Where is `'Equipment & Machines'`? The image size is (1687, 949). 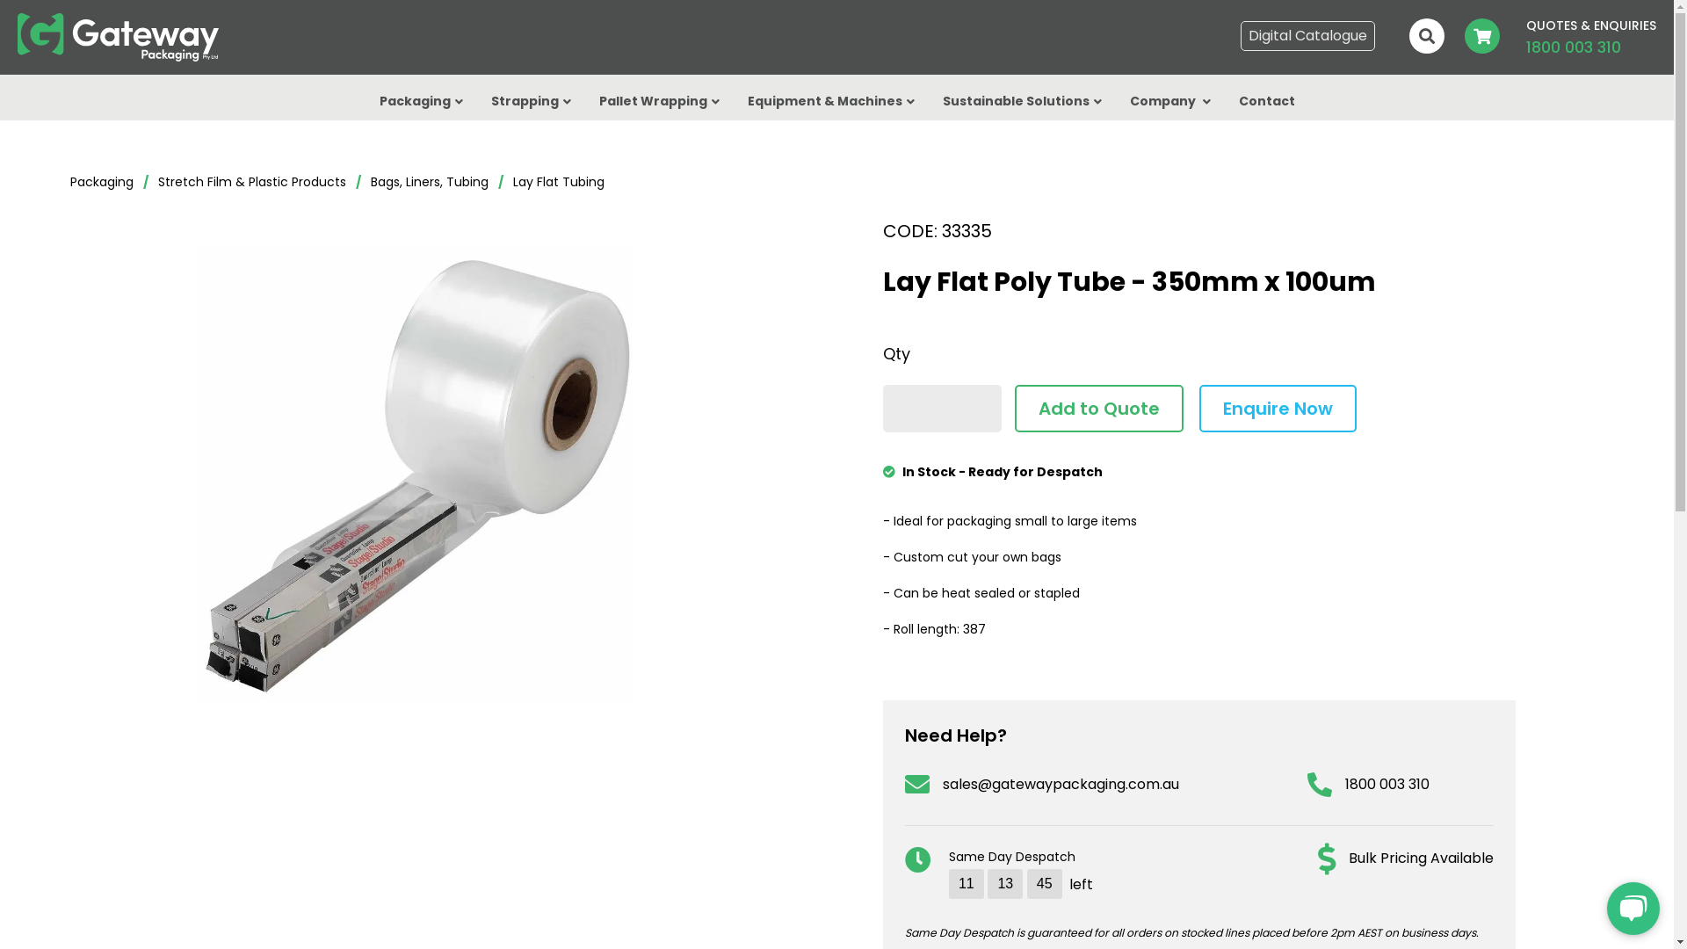
'Equipment & Machines' is located at coordinates (829, 105).